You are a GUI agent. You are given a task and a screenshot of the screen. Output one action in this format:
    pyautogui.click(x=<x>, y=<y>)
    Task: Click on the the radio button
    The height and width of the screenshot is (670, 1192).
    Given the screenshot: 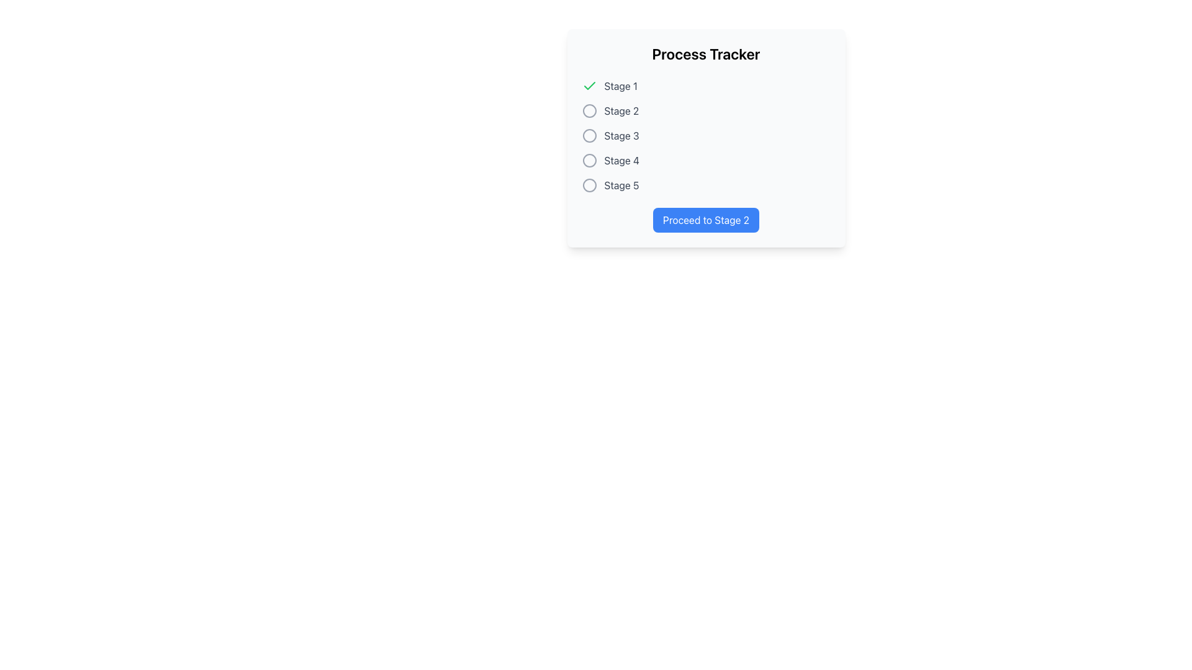 What is the action you would take?
    pyautogui.click(x=589, y=136)
    